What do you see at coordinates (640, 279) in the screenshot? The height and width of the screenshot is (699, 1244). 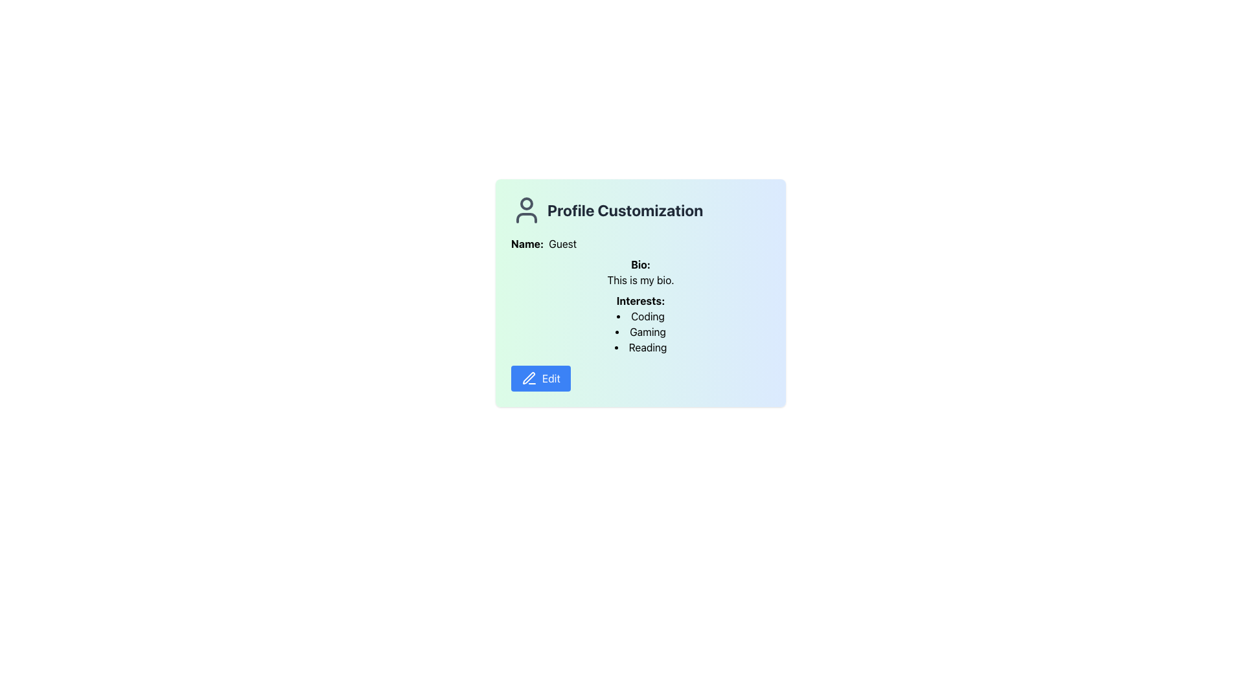 I see `text string 'This is my bio.' located beneath the 'Bio:' text in the Profile Customization section` at bounding box center [640, 279].